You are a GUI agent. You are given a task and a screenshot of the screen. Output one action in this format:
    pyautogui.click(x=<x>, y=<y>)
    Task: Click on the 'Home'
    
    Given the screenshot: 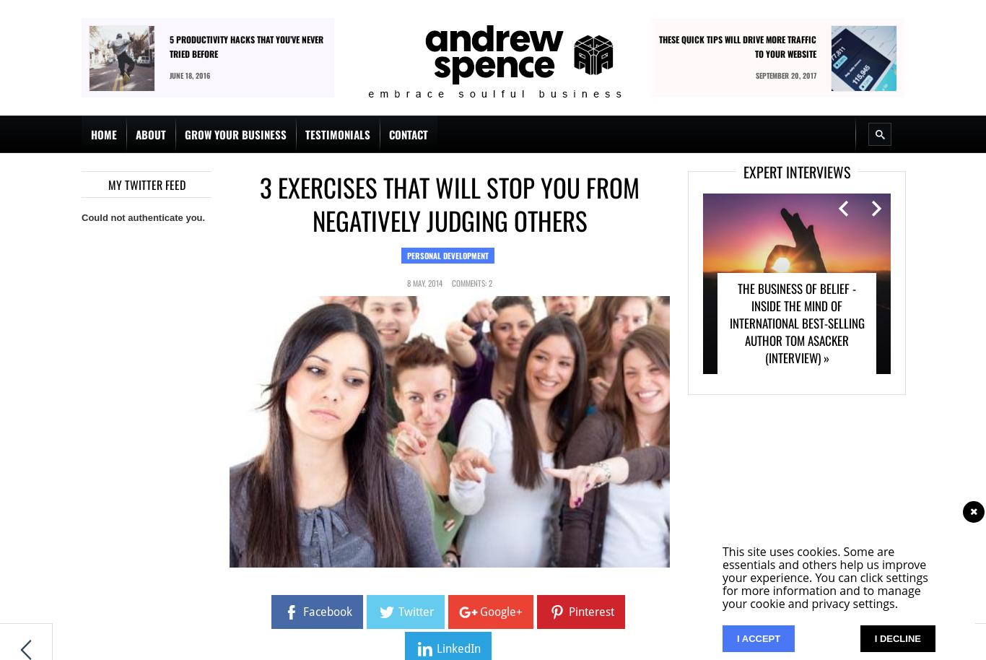 What is the action you would take?
    pyautogui.click(x=102, y=134)
    